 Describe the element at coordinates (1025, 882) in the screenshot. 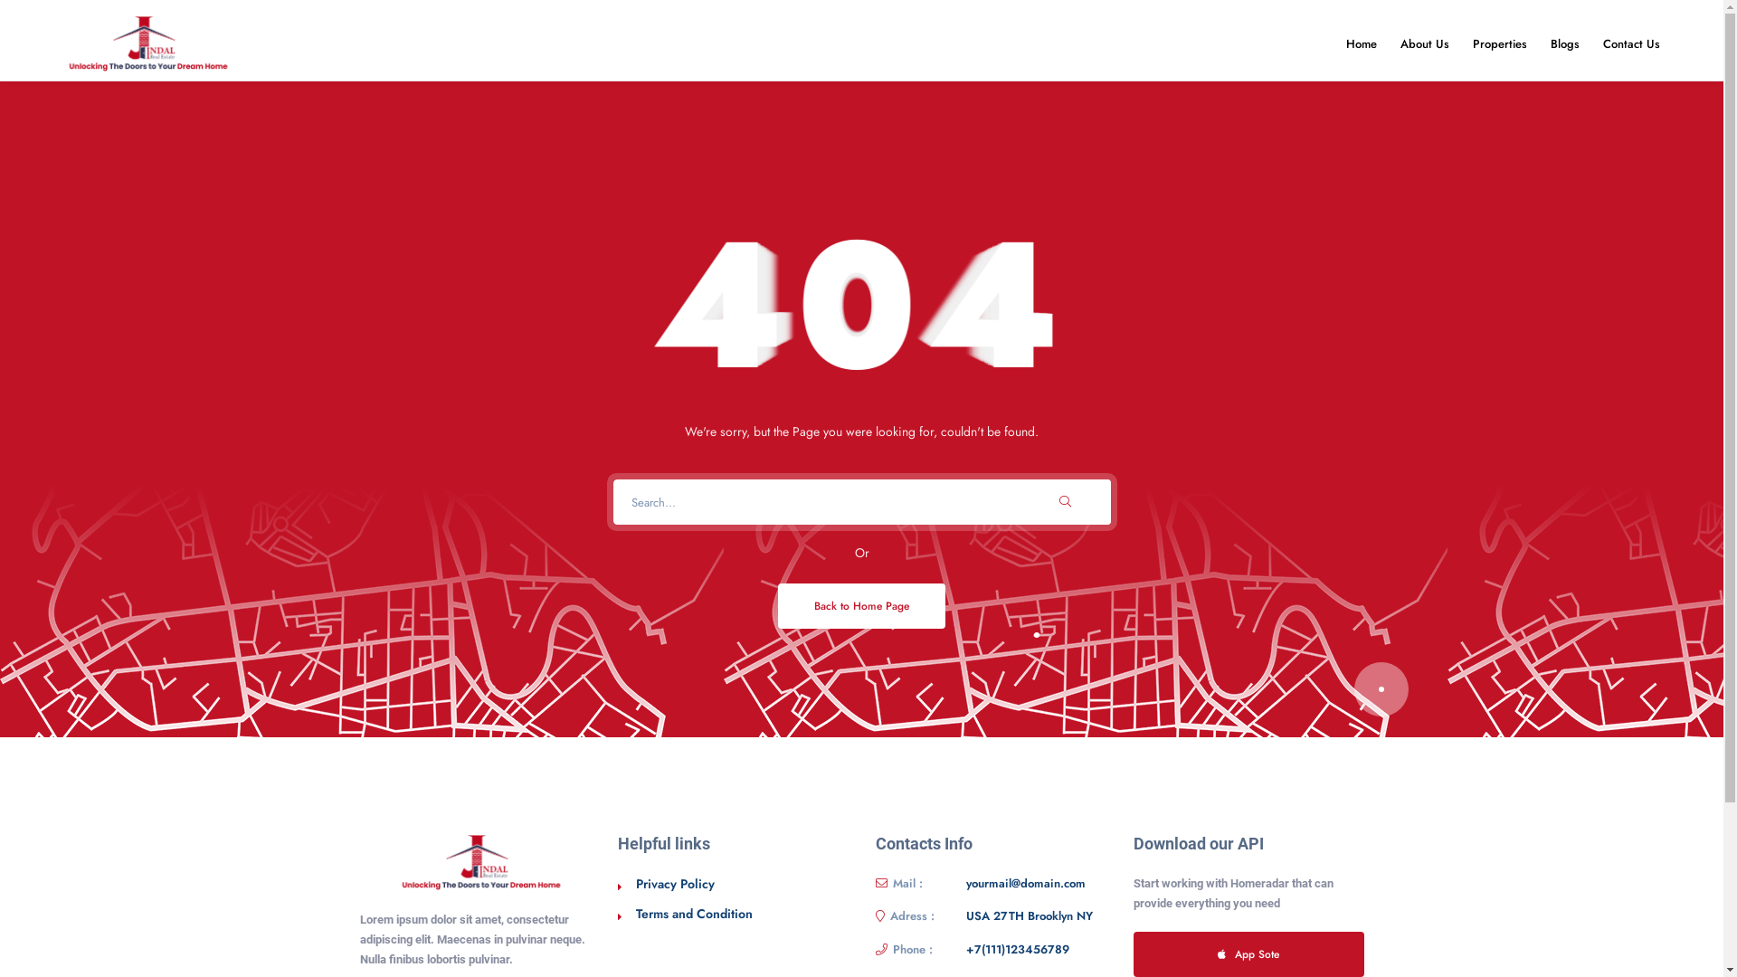

I see `'yourmail@domain.com'` at that location.